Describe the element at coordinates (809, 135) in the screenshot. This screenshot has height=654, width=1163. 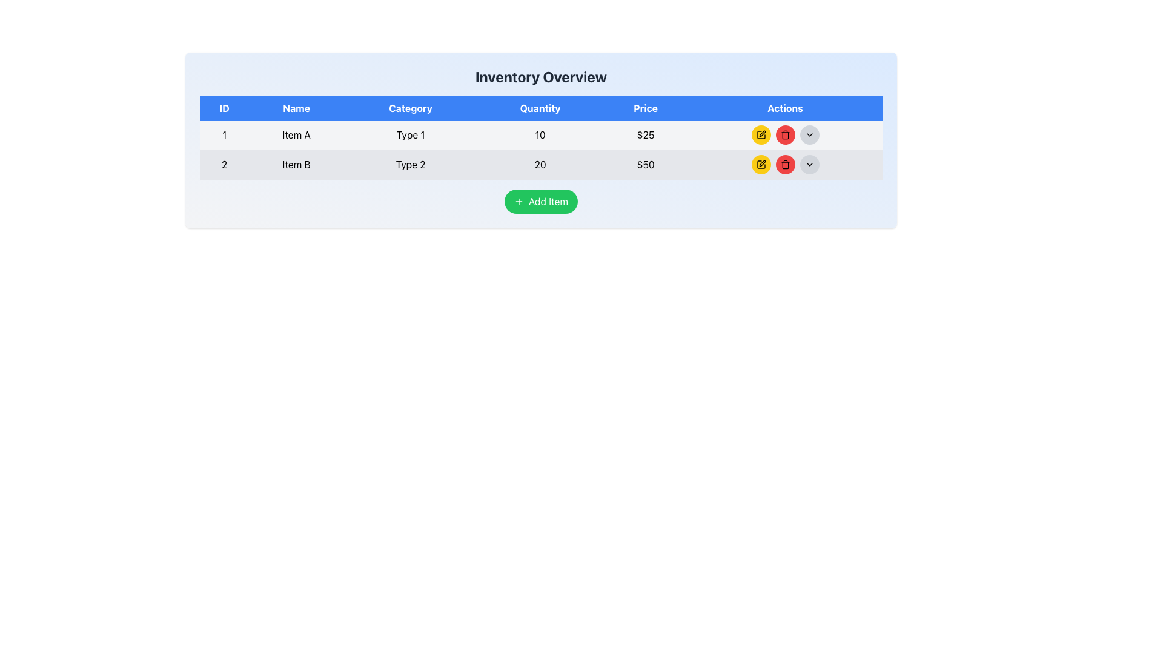
I see `the chevron icon inside the gray-rounded button located in the 'Actions' column of the second row of the table` at that location.